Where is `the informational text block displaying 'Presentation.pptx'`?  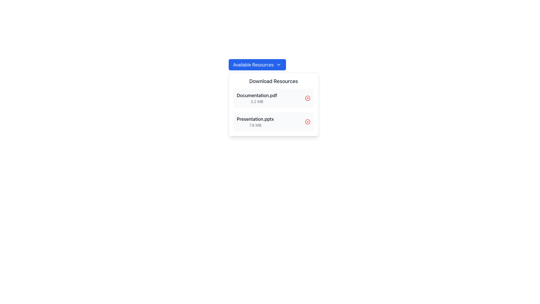
the informational text block displaying 'Presentation.pptx' is located at coordinates (255, 121).